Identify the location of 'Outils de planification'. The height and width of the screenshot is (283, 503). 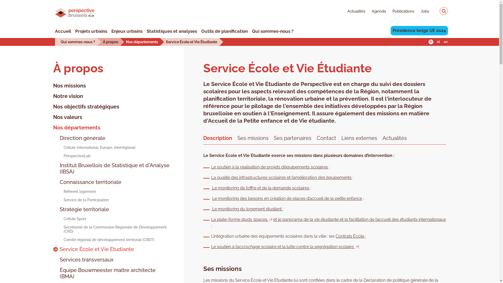
(225, 31).